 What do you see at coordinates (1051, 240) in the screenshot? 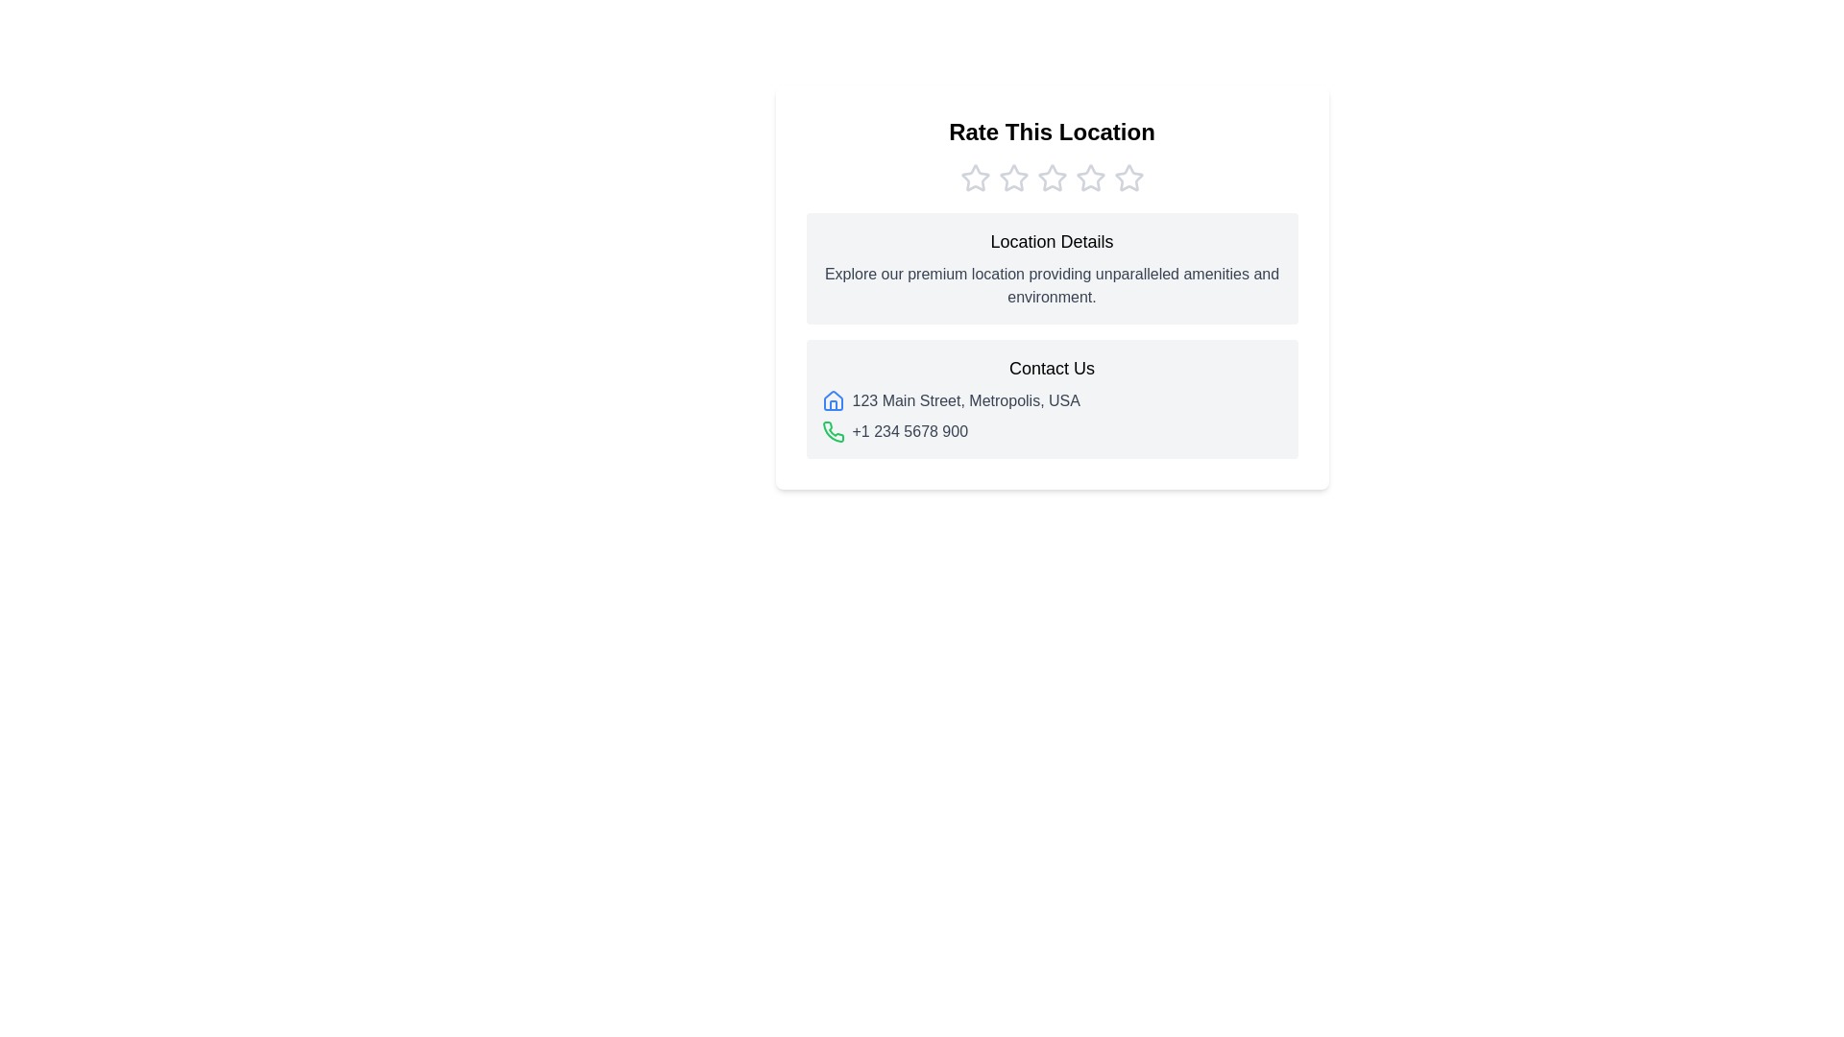
I see `the text label that serves as a title or heading for the section describing the location, which is positioned at the top of a light gray box, immediately below the 'Rate This Location' header and rating stars` at bounding box center [1051, 240].